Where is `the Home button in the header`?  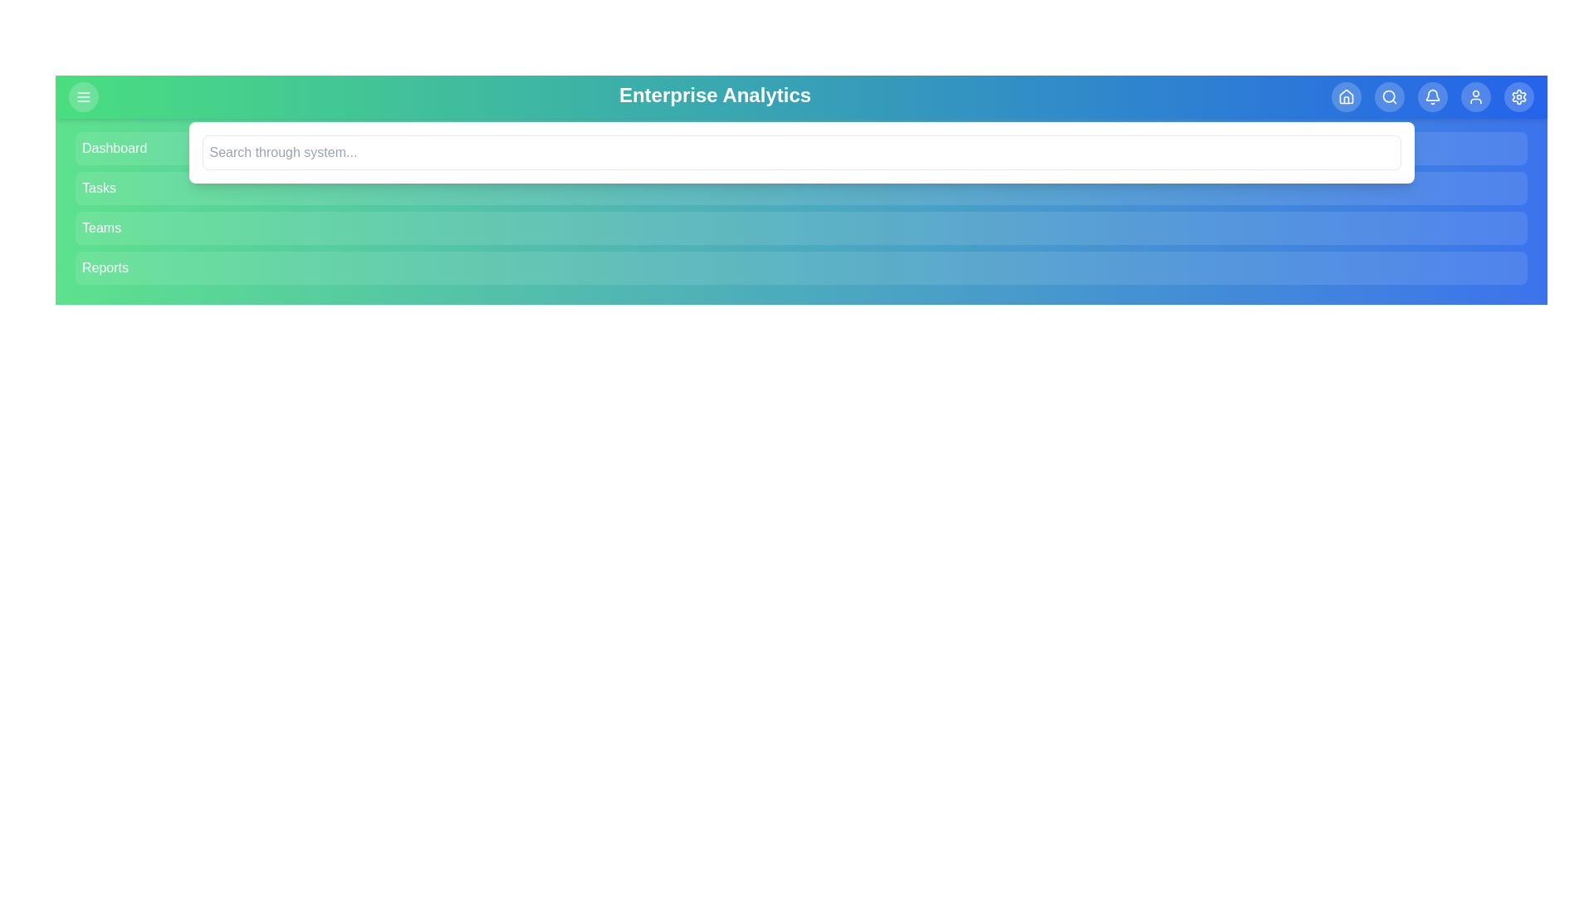
the Home button in the header is located at coordinates (1347, 96).